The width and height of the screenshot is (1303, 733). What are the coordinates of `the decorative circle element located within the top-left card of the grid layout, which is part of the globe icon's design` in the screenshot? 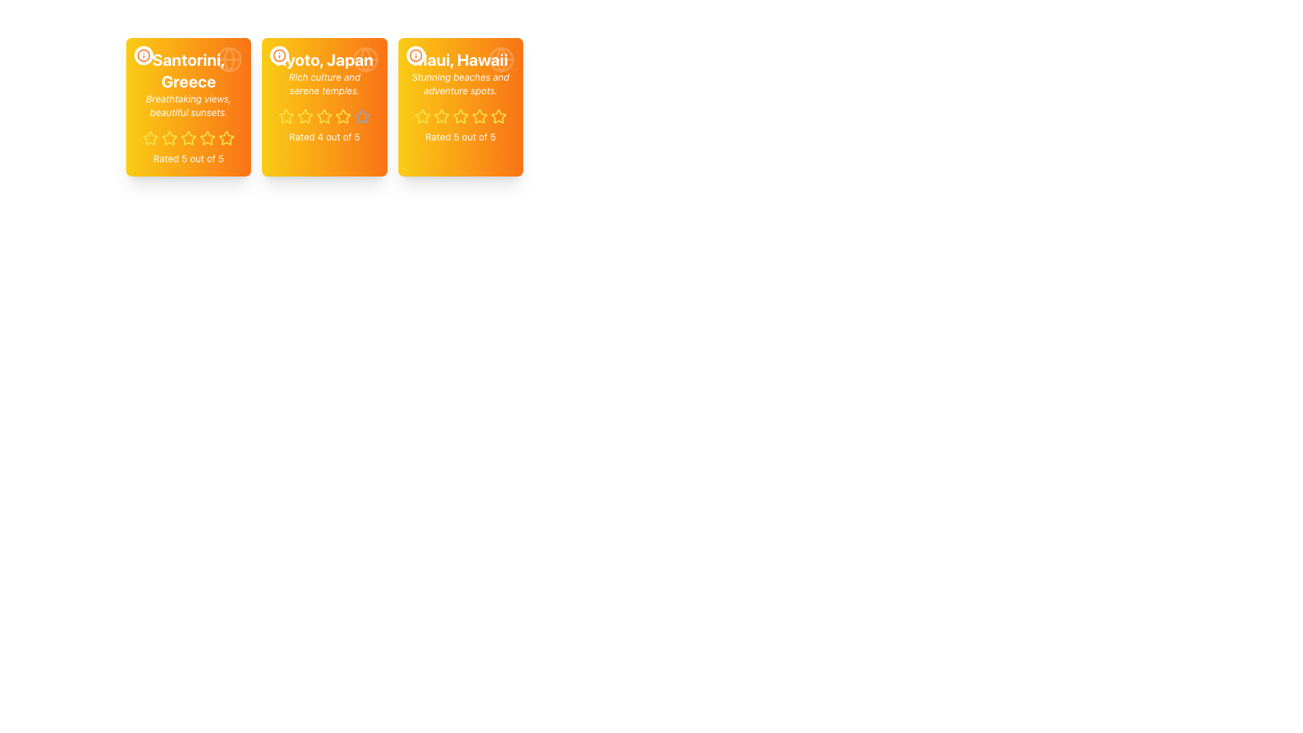 It's located at (229, 59).